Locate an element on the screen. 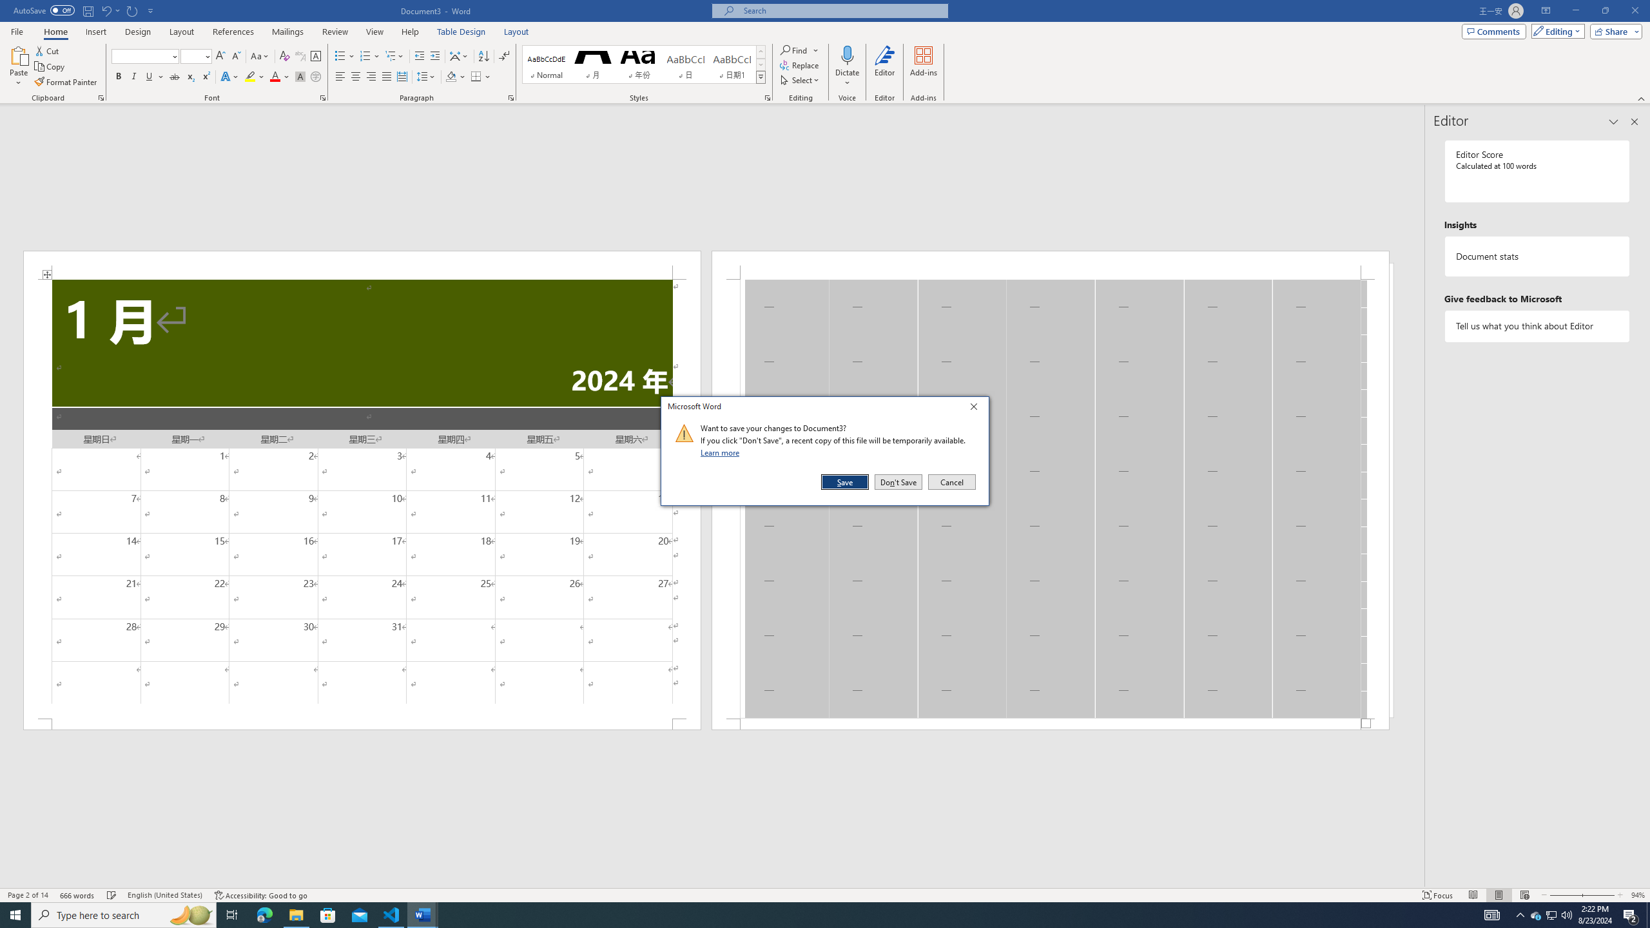 The width and height of the screenshot is (1650, 928). 'Text Highlight Color Yellow' is located at coordinates (249, 76).